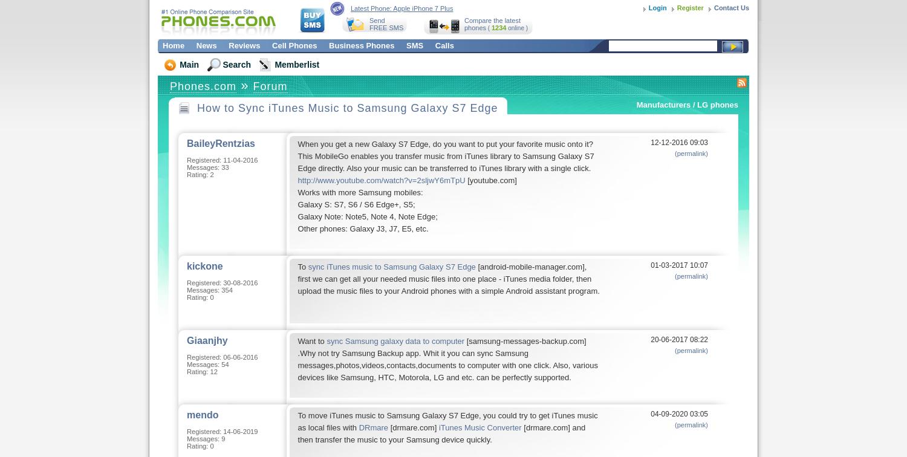  I want to click on '[android-mobile-manager.com], first we can get all your needed music files into one place - iTunes media folder, then upload the music files to your Android phones with a simple Android assistant program.', so click(297, 279).